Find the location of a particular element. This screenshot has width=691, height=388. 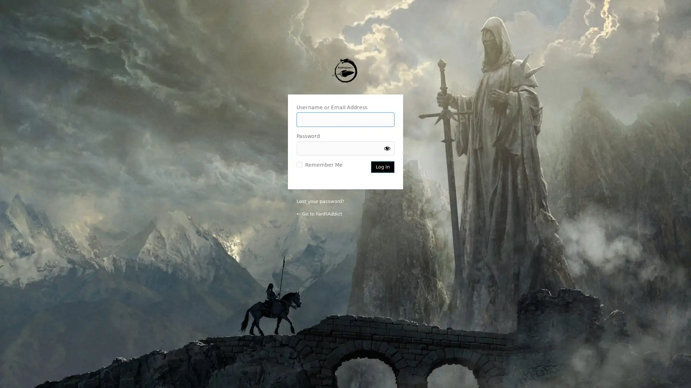

Log In is located at coordinates (382, 166).